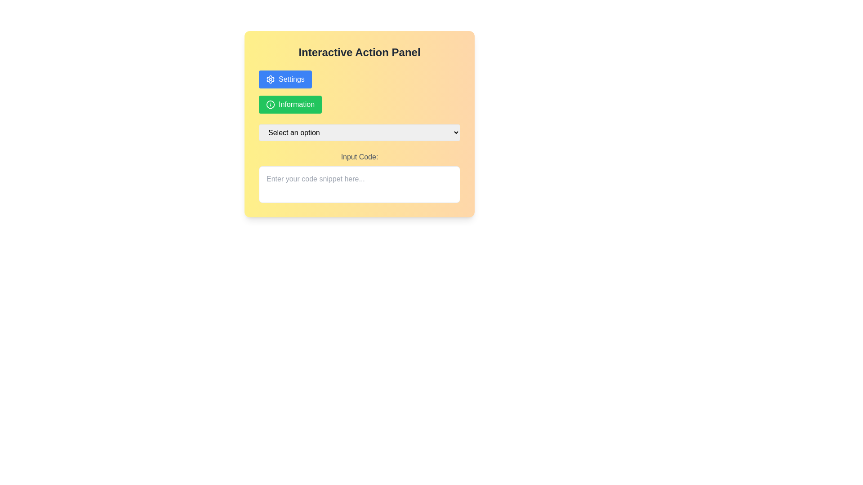  Describe the element at coordinates (270, 104) in the screenshot. I see `the Circular SVG Element that serves as part of the 'Information' button icon, located below the 'Settings' button in the interactive action panel` at that location.